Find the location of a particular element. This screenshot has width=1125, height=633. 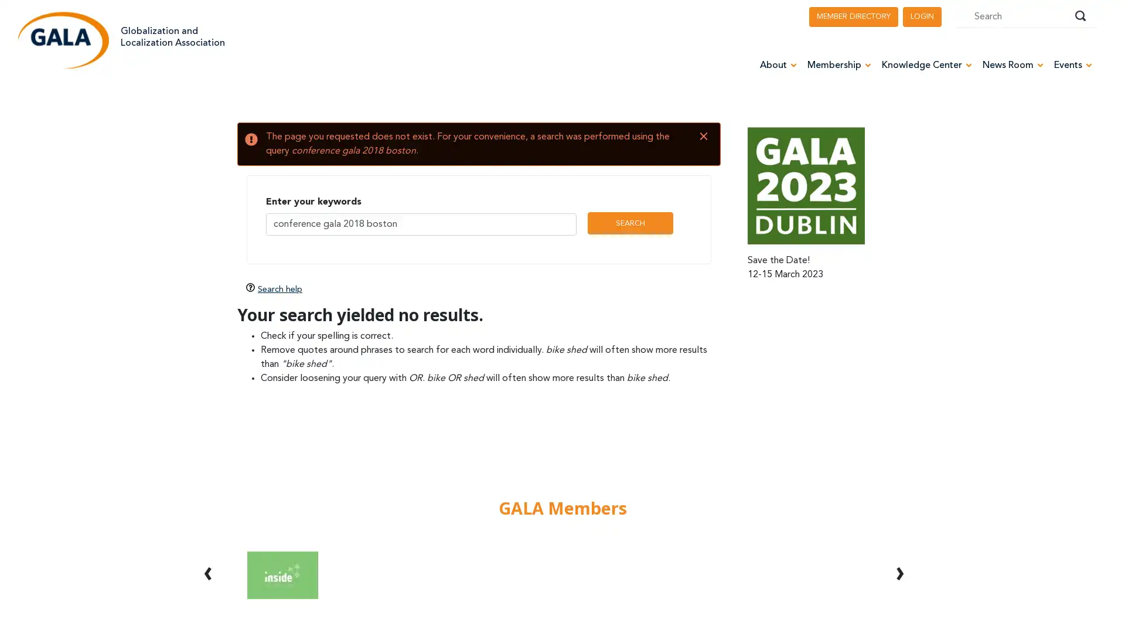

search bar is located at coordinates (1079, 16).